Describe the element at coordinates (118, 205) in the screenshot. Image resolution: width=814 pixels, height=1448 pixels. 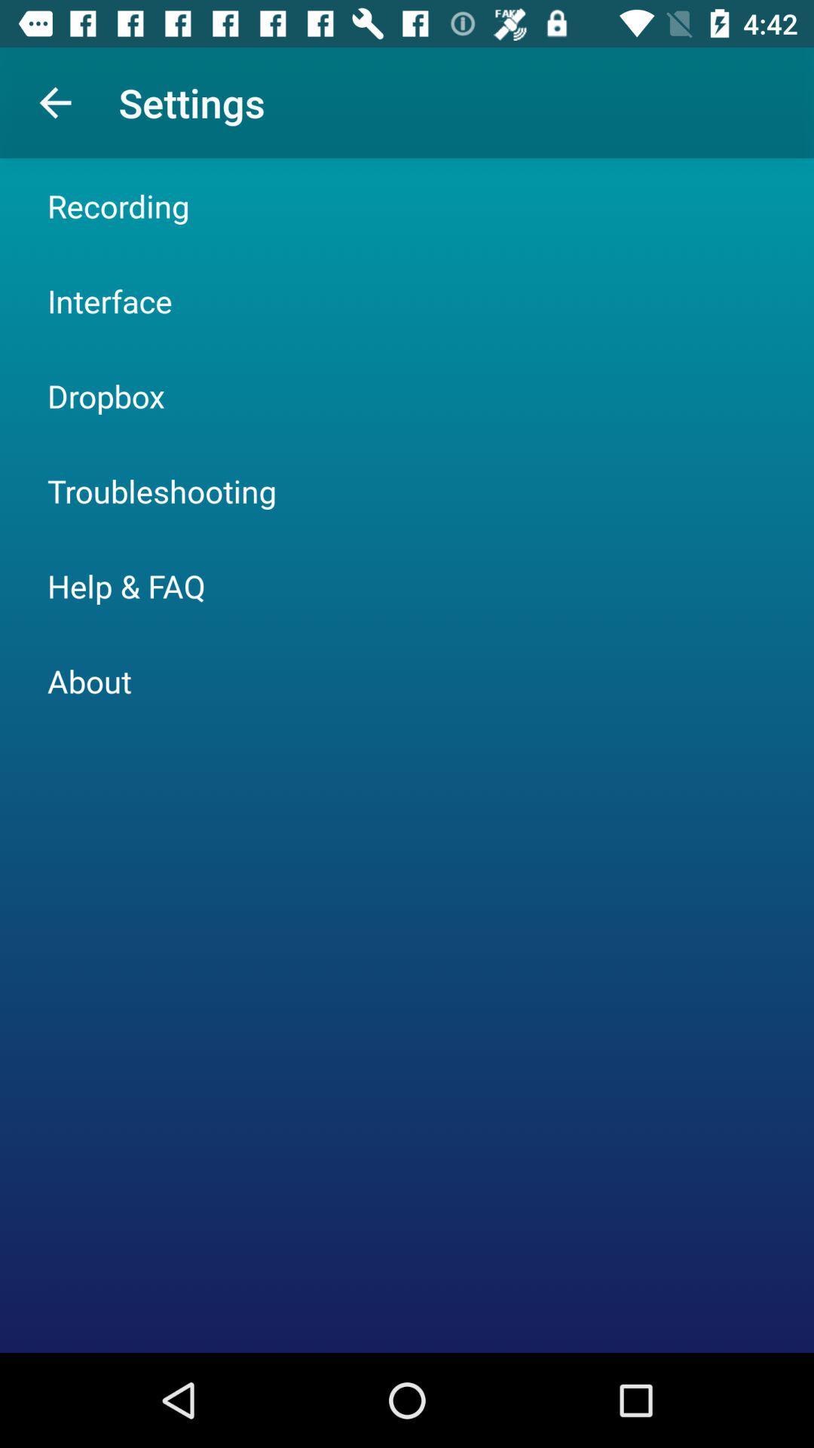
I see `the recording icon` at that location.